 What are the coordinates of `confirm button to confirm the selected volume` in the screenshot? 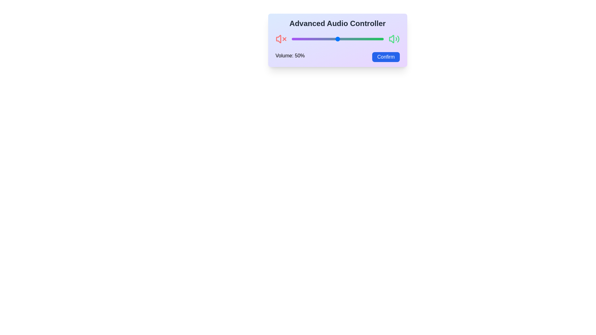 It's located at (386, 57).